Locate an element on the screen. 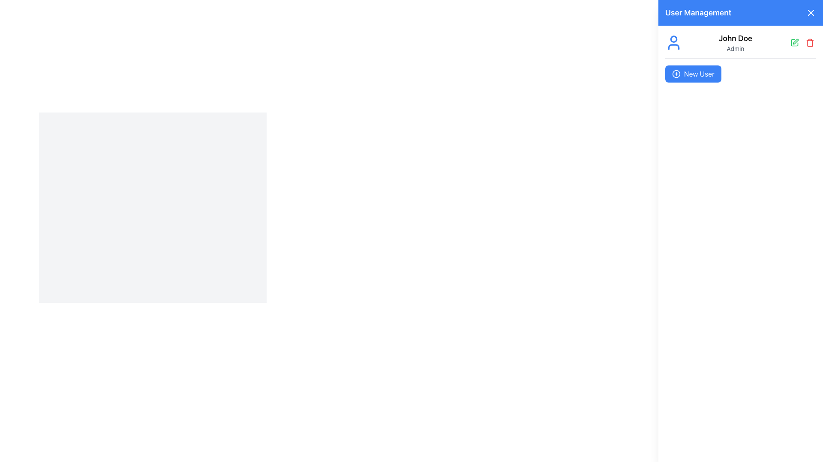 The width and height of the screenshot is (823, 462). text label saying 'User Management' which is located in the header section of the interface, displayed in bold white font on a blue background is located at coordinates (698, 13).